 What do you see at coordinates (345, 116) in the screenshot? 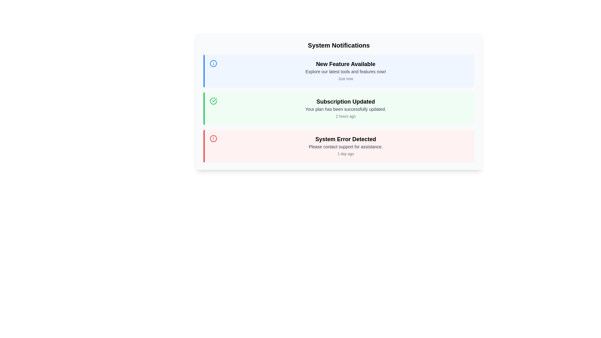
I see `the text label reading '2 hours ago' which is styled in gray font and located at the bottom-right of the green notification box titled 'Subscription Updated.'` at bounding box center [345, 116].